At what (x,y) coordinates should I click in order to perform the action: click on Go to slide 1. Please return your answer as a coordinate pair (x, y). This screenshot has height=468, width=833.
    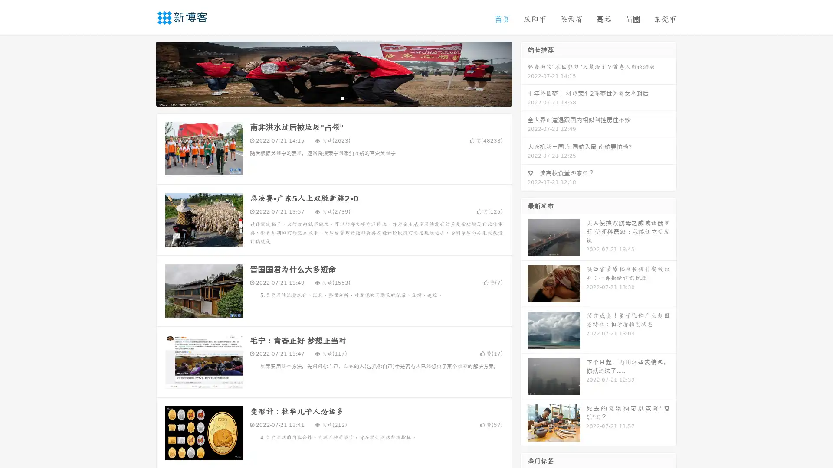
    Looking at the image, I should click on (325, 97).